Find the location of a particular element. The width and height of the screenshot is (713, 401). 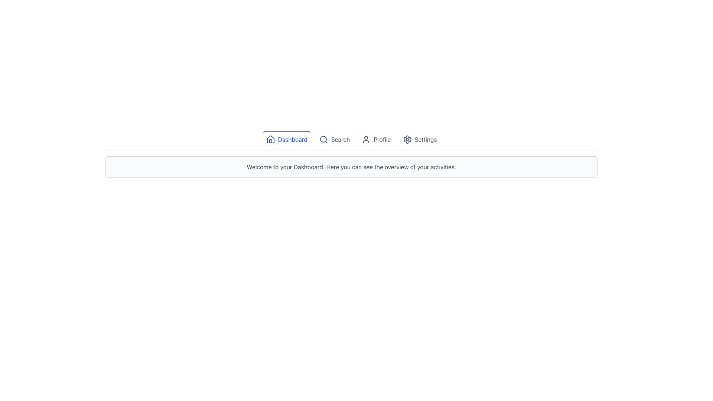

the text label 'Dashboard' in the top navigation bar is located at coordinates (292, 139).